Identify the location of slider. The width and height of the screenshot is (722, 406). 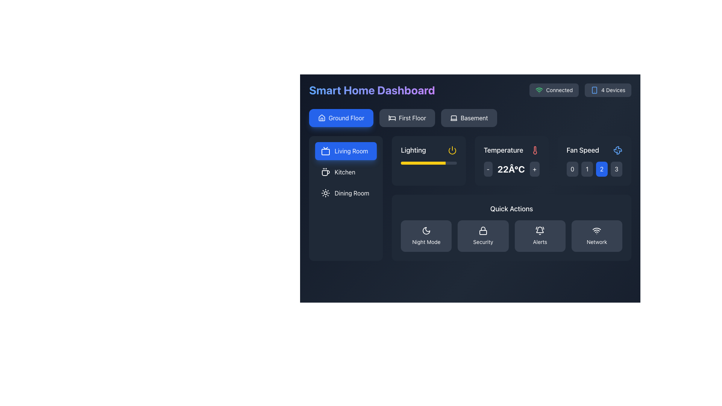
(436, 163).